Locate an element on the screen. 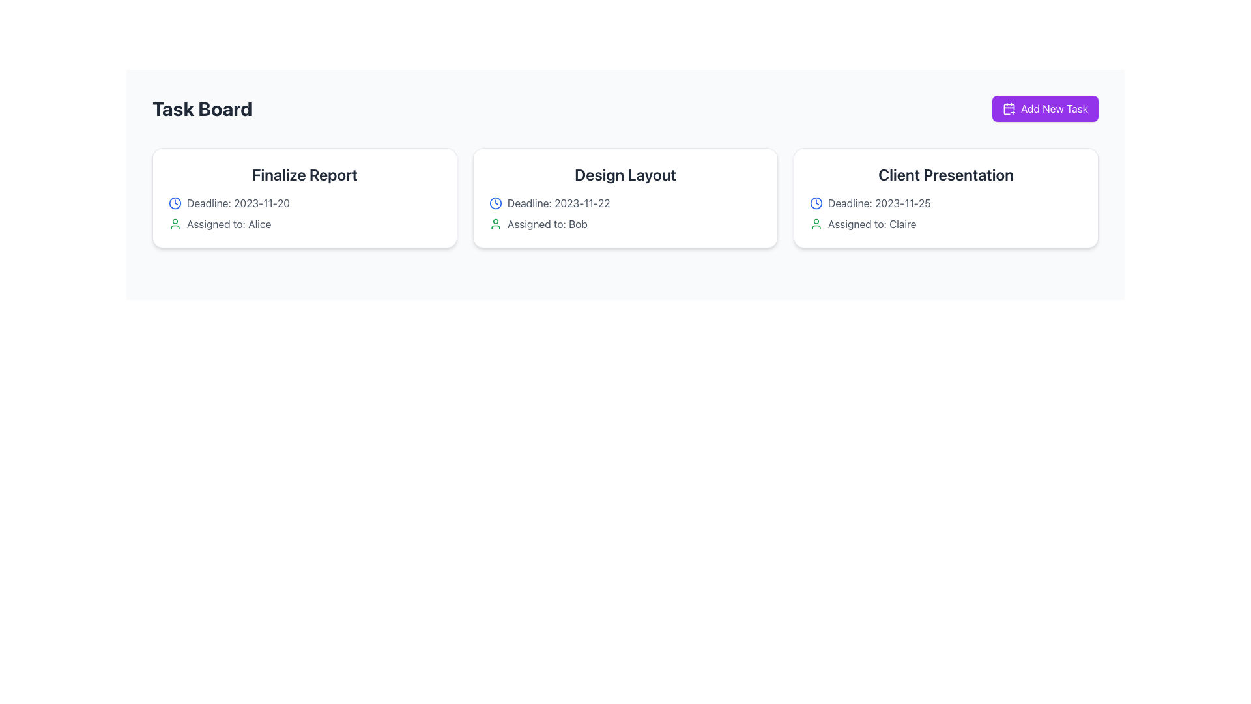 Image resolution: width=1251 pixels, height=704 pixels. the user icon representing the assignee 'Bob' in the 'Assigned to: Bob' label located in the second card titled 'Design Layout' is located at coordinates (495, 223).